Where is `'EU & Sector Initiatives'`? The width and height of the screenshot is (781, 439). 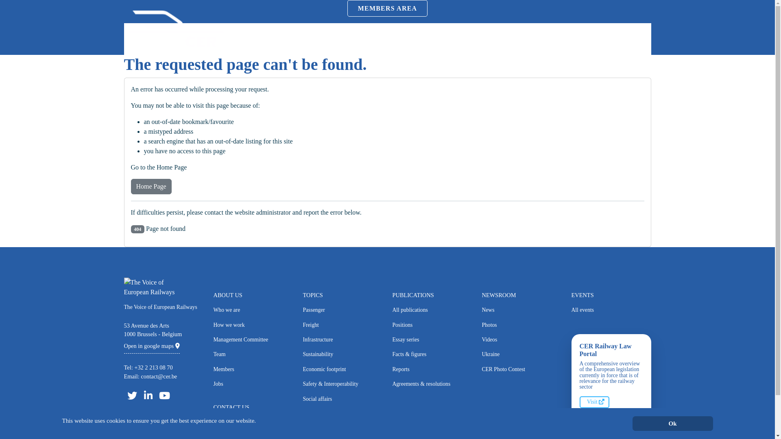 'EU & Sector Initiatives' is located at coordinates (342, 414).